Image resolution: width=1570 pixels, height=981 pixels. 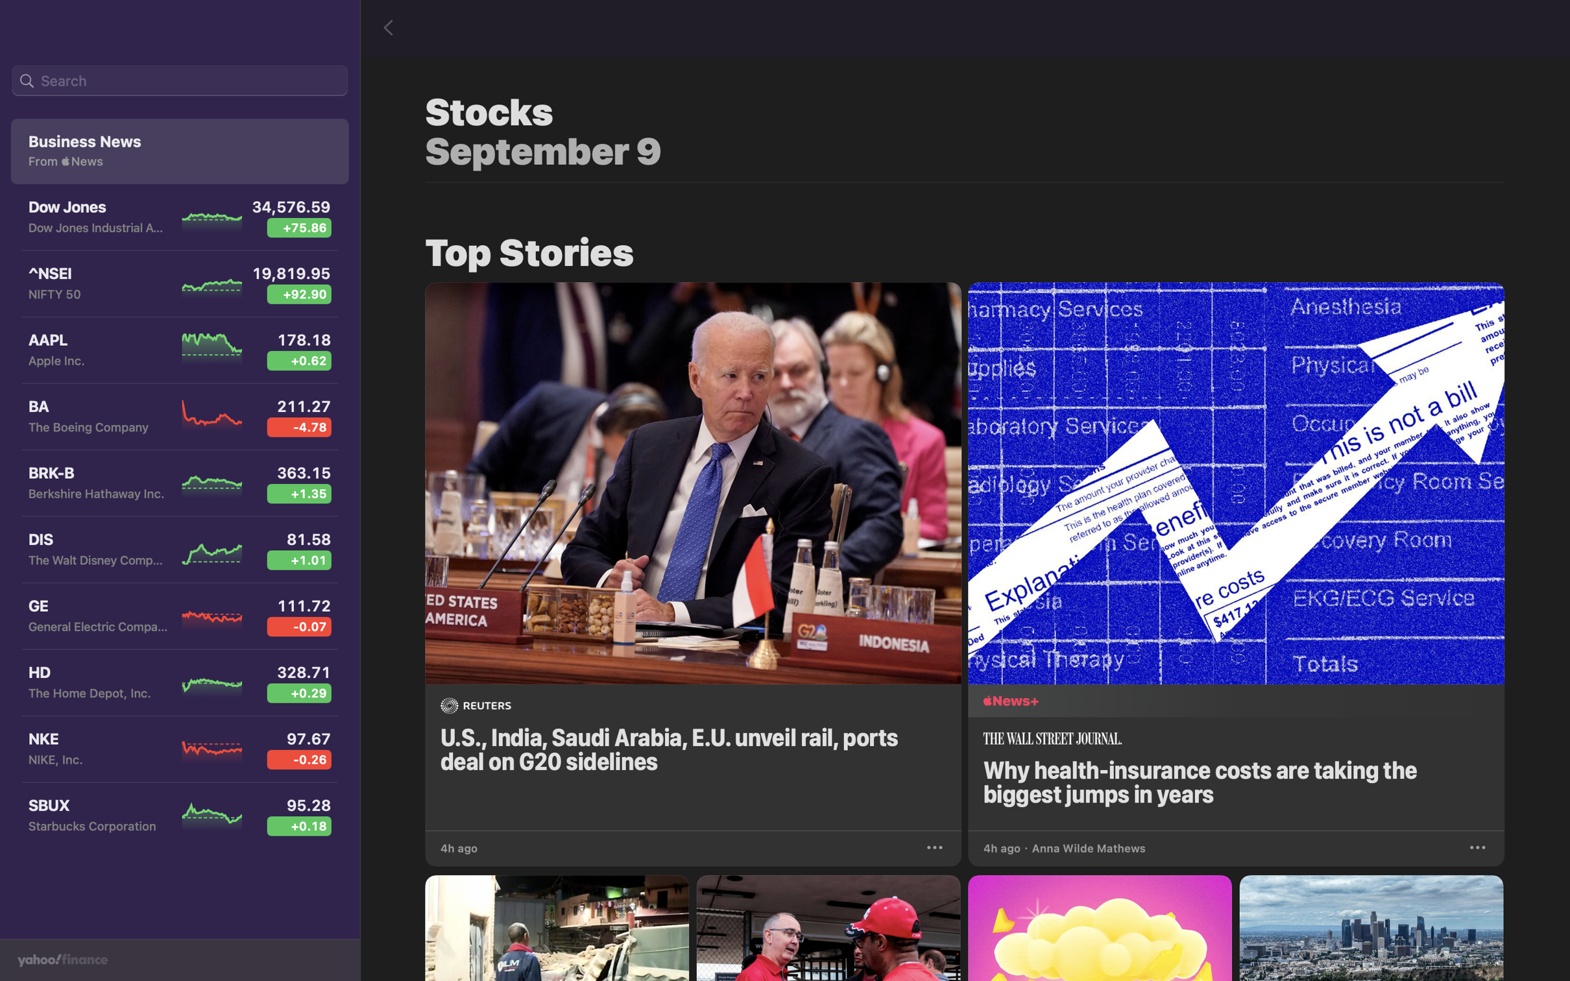 What do you see at coordinates (1476, 847) in the screenshot?
I see `Save the health insurance news` at bounding box center [1476, 847].